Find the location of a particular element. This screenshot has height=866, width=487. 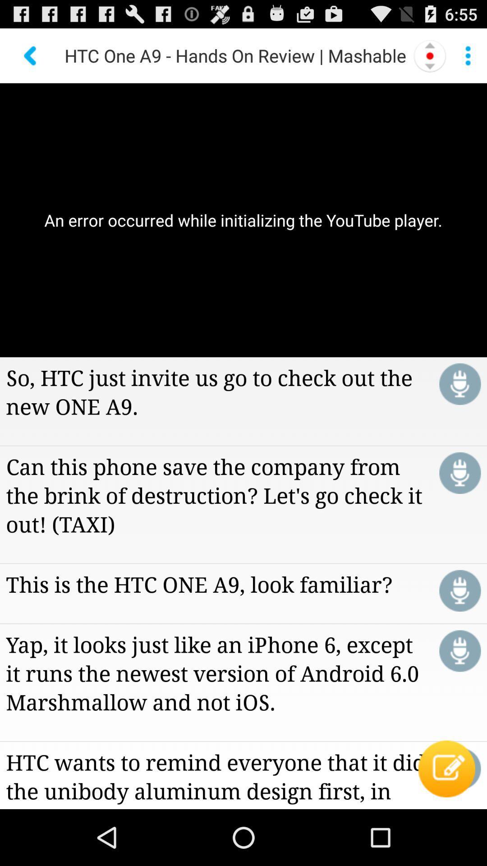

icon above an error occurred icon is located at coordinates (429, 55).